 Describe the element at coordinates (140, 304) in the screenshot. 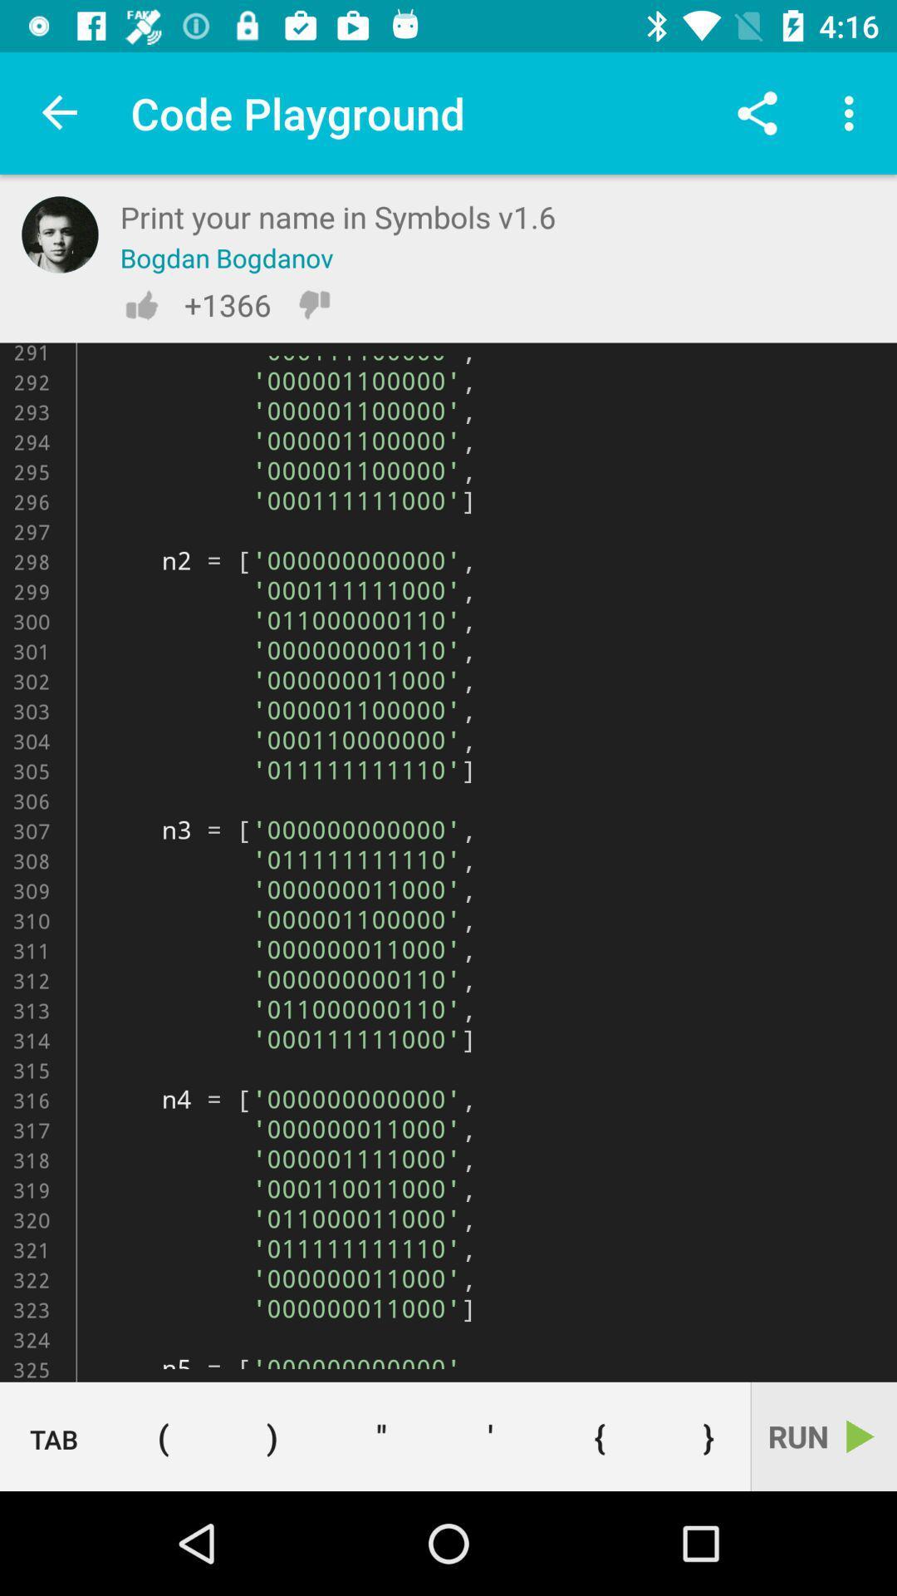

I see `like` at that location.